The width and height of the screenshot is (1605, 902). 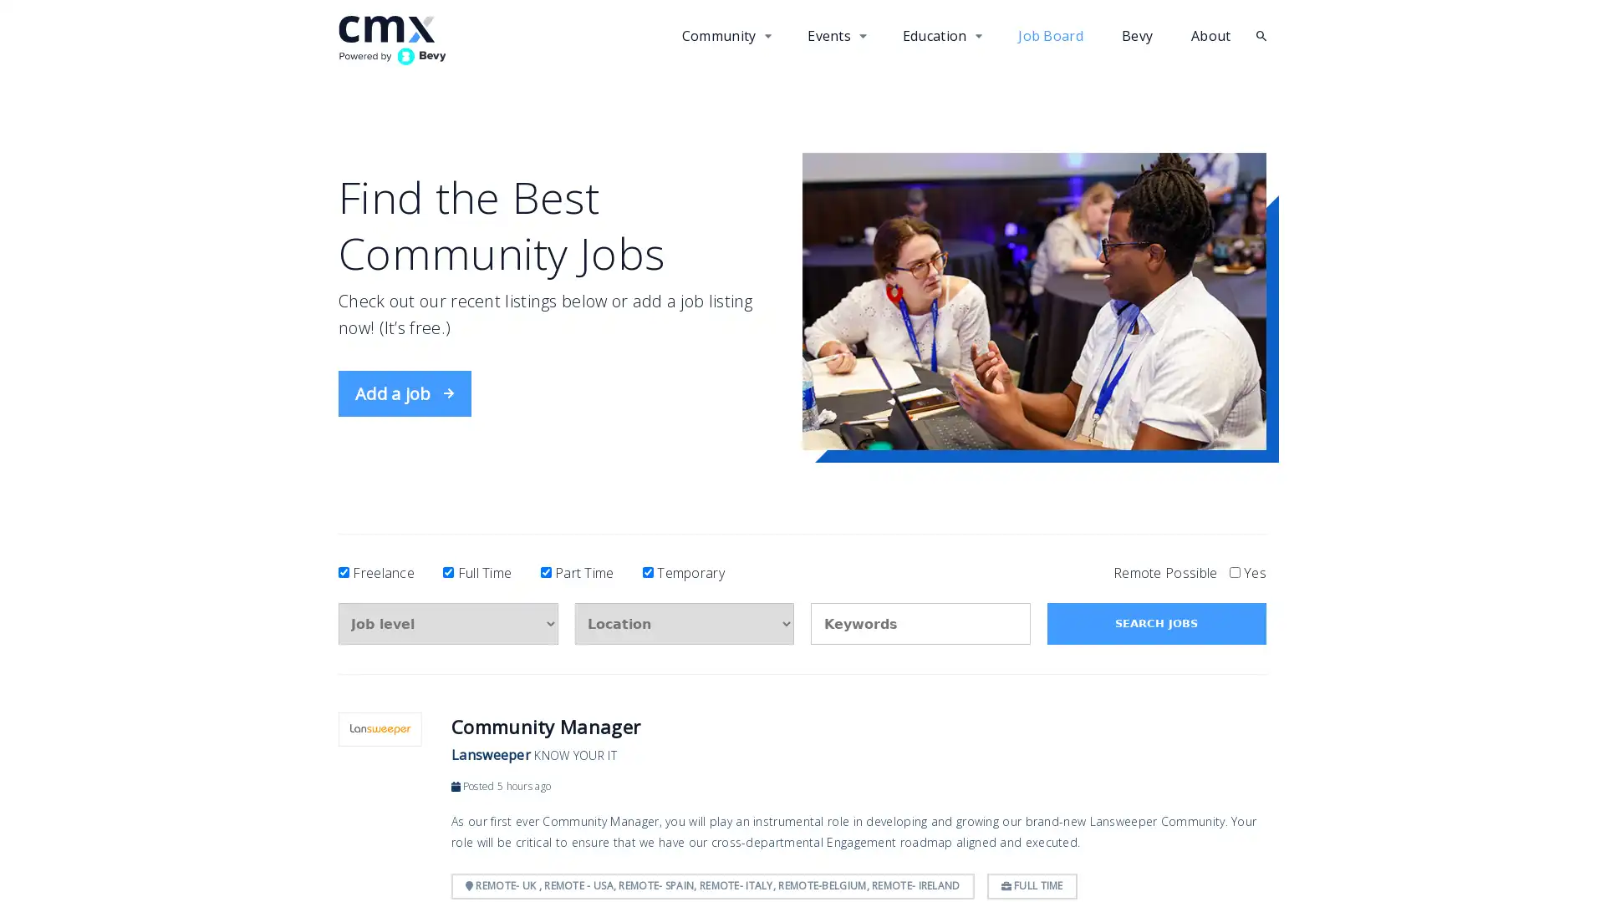 What do you see at coordinates (1155, 624) in the screenshot?
I see `Search Jobs` at bounding box center [1155, 624].